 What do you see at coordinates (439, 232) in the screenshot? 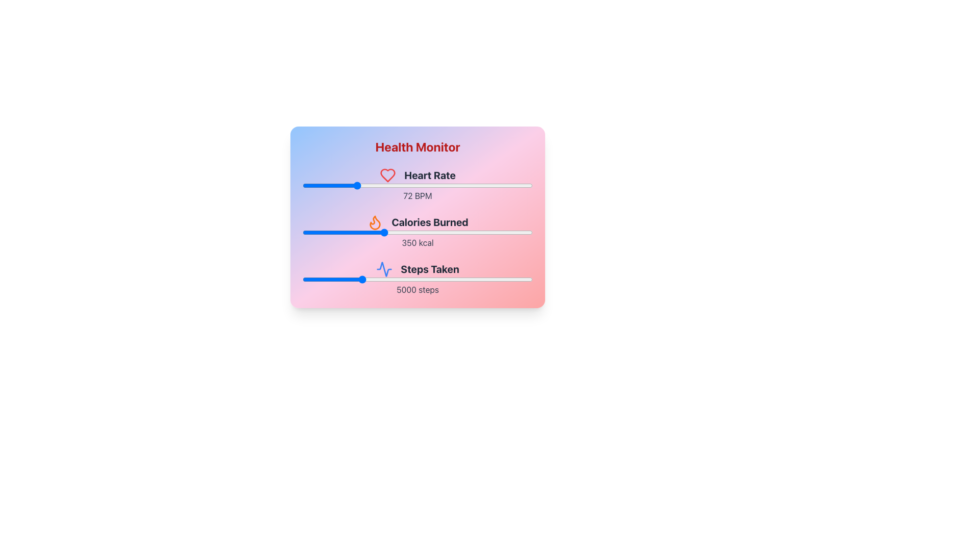
I see `calories burned` at bounding box center [439, 232].